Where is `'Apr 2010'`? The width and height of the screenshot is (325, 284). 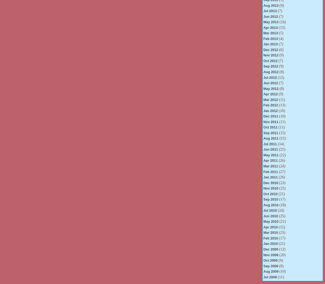
'Apr 2010' is located at coordinates (270, 226).